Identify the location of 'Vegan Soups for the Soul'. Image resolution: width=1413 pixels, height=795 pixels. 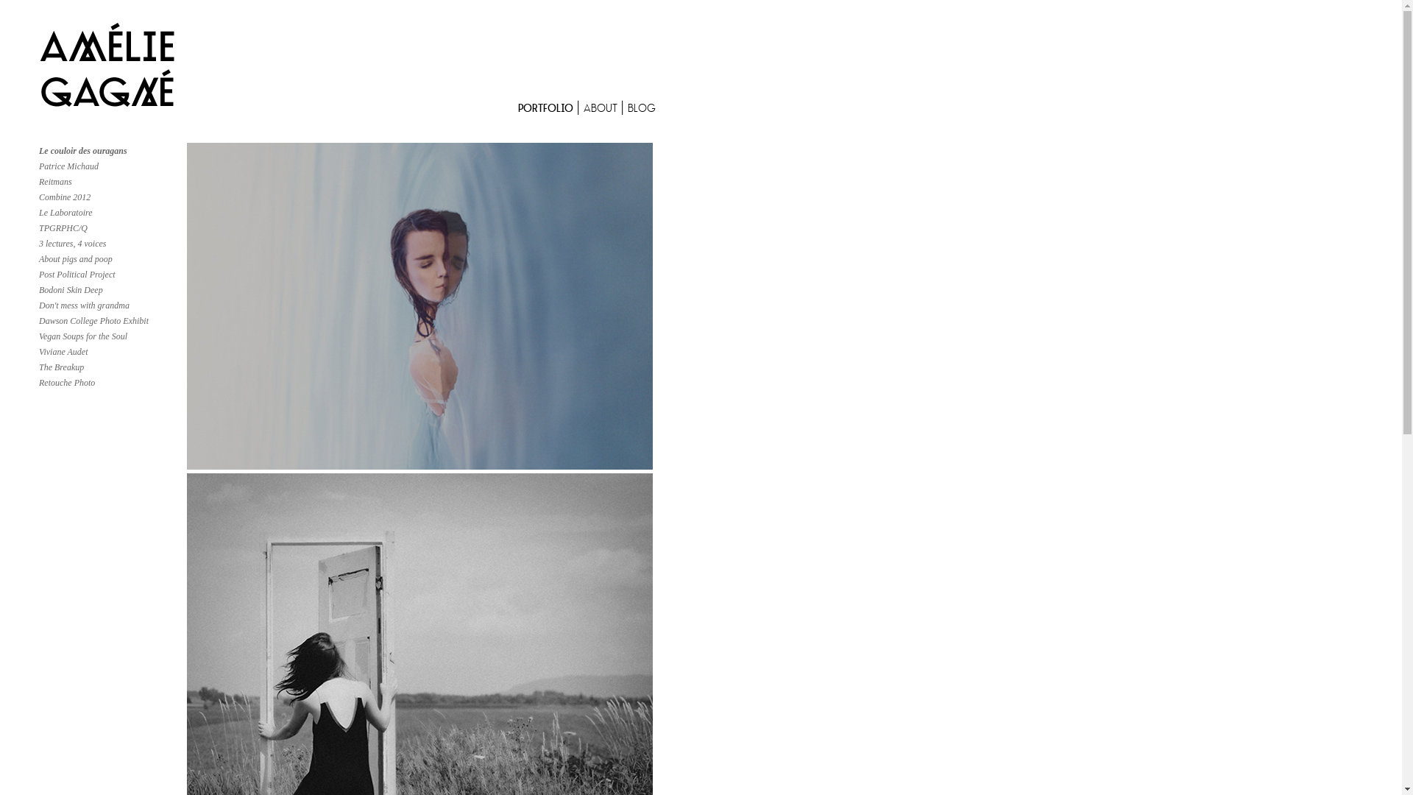
(82, 336).